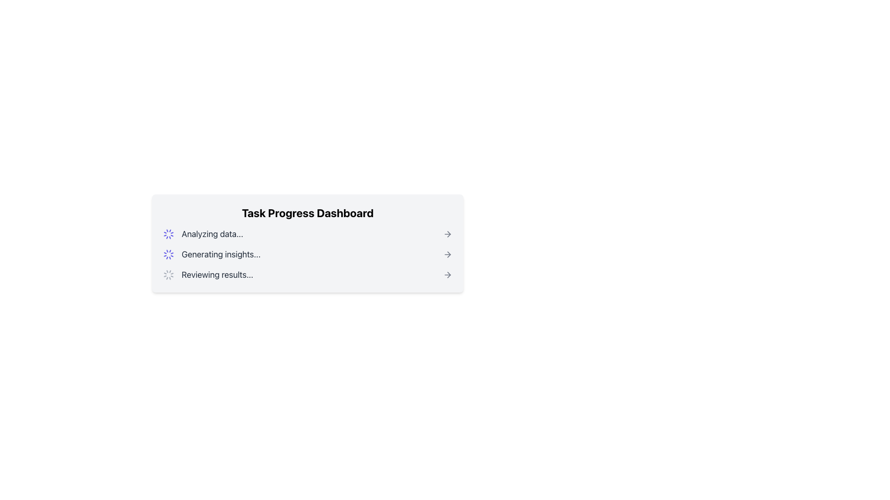  What do you see at coordinates (208, 275) in the screenshot?
I see `the status indicator element that shows 'Reviewing results...' in the Task Progress Dashboard, which signifies an ongoing process` at bounding box center [208, 275].